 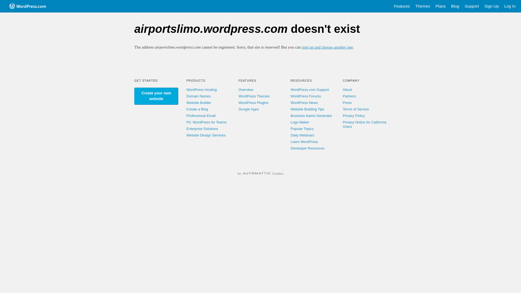 What do you see at coordinates (302, 135) in the screenshot?
I see `'Daily Webinars'` at bounding box center [302, 135].